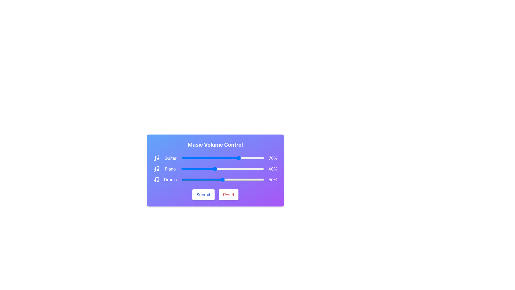 This screenshot has height=290, width=515. What do you see at coordinates (203, 195) in the screenshot?
I see `the submit button located in the footer section of the dialogue box` at bounding box center [203, 195].